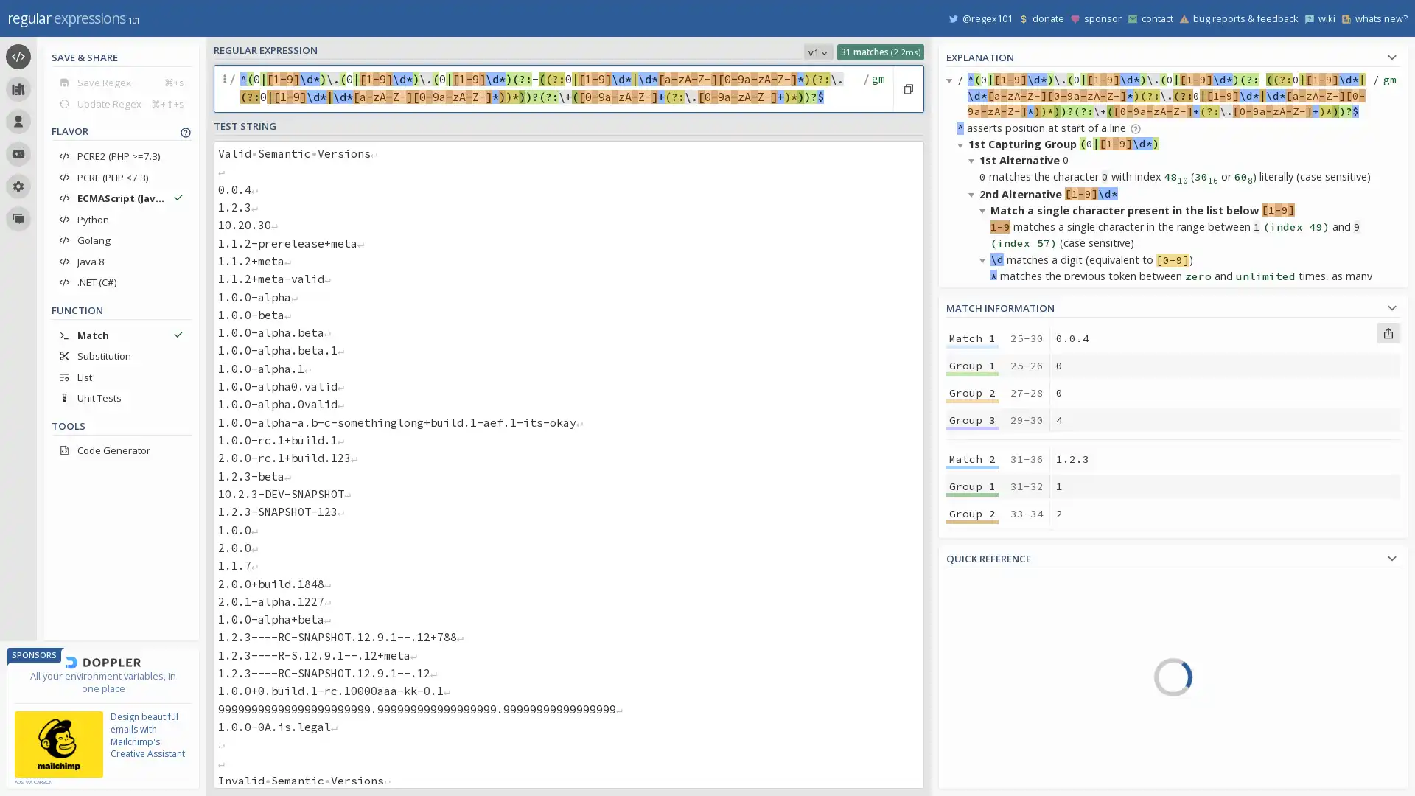 The image size is (1415, 796). I want to click on Match 2, so click(972, 458).